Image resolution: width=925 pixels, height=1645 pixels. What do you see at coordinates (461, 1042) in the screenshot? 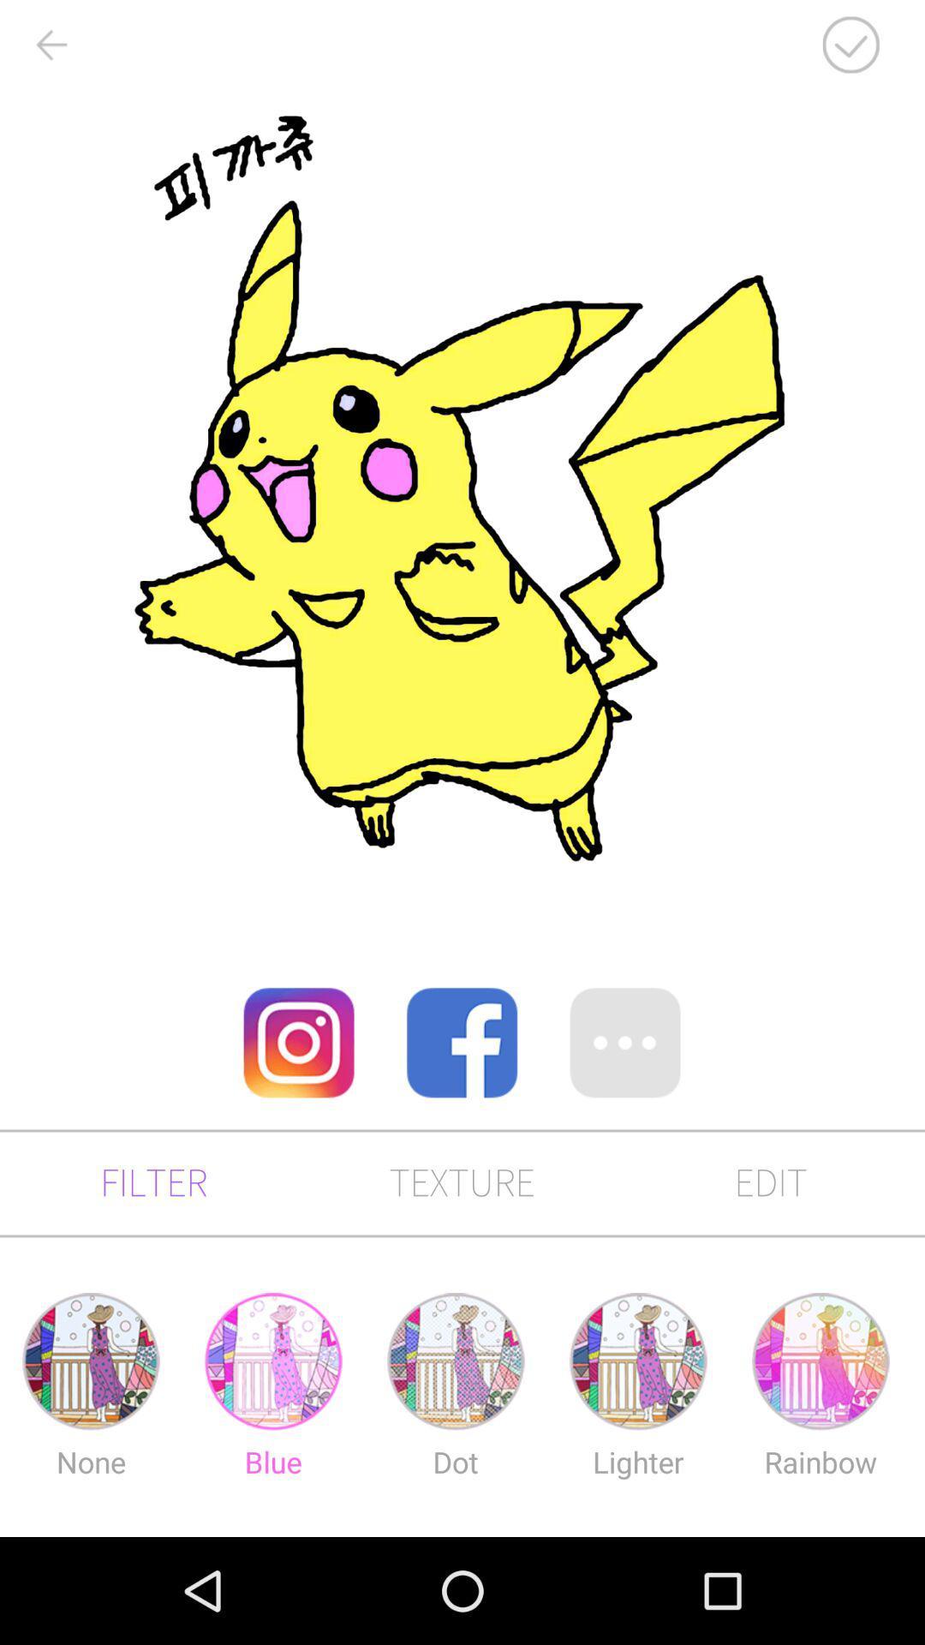
I see `the icon at the center` at bounding box center [461, 1042].